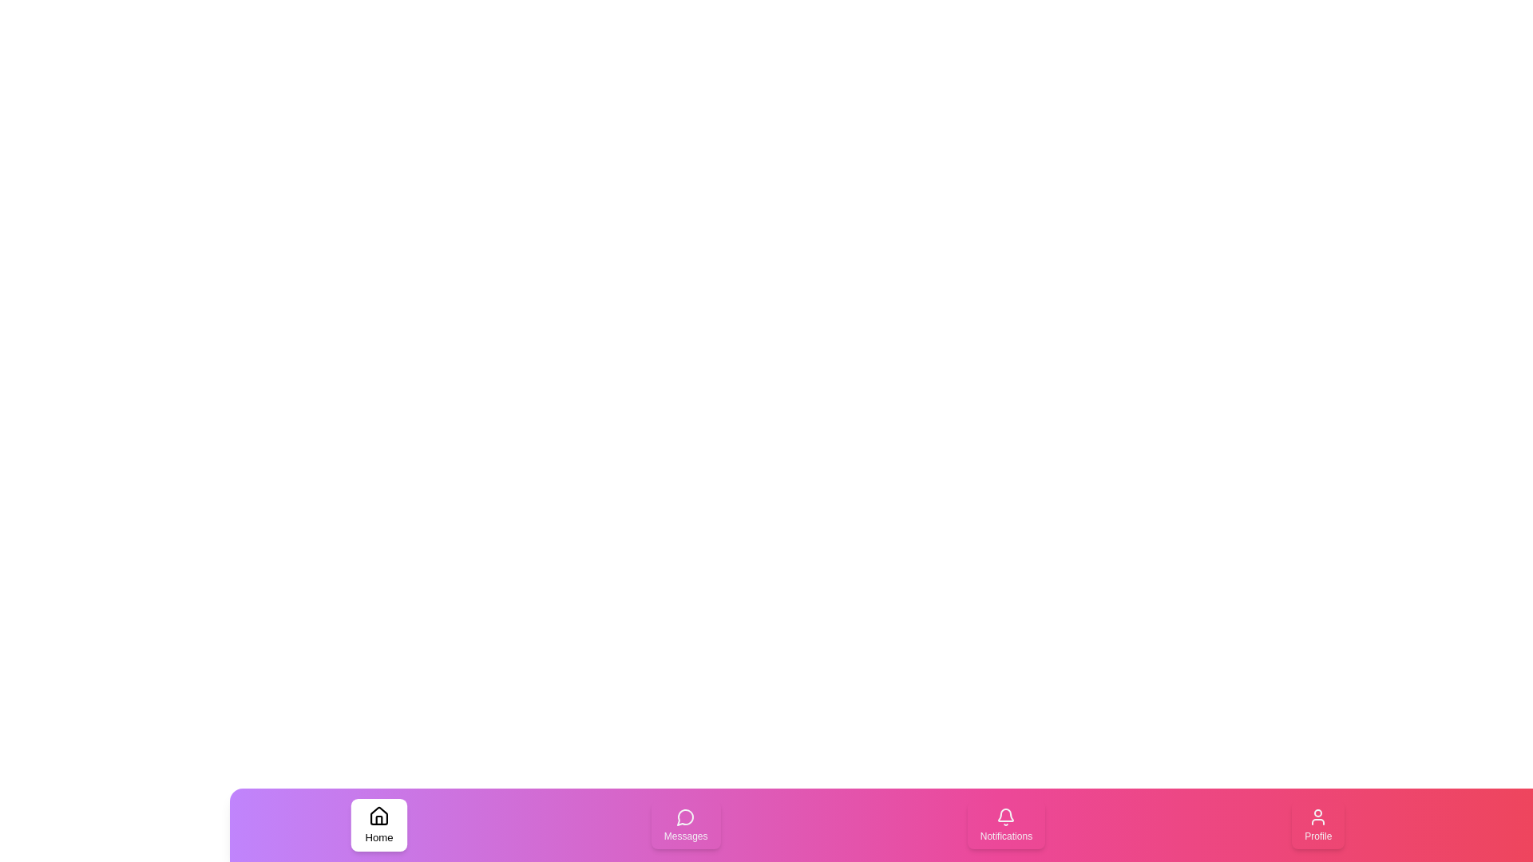 Image resolution: width=1533 pixels, height=862 pixels. I want to click on the tab labeled Profile by clicking on it, so click(1318, 824).